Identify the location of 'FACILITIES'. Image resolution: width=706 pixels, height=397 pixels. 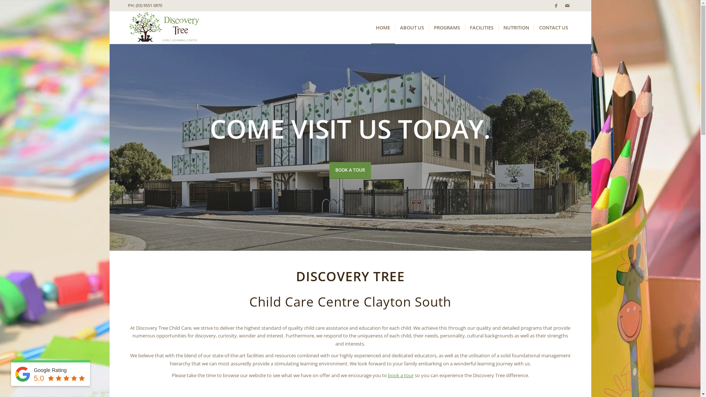
(464, 27).